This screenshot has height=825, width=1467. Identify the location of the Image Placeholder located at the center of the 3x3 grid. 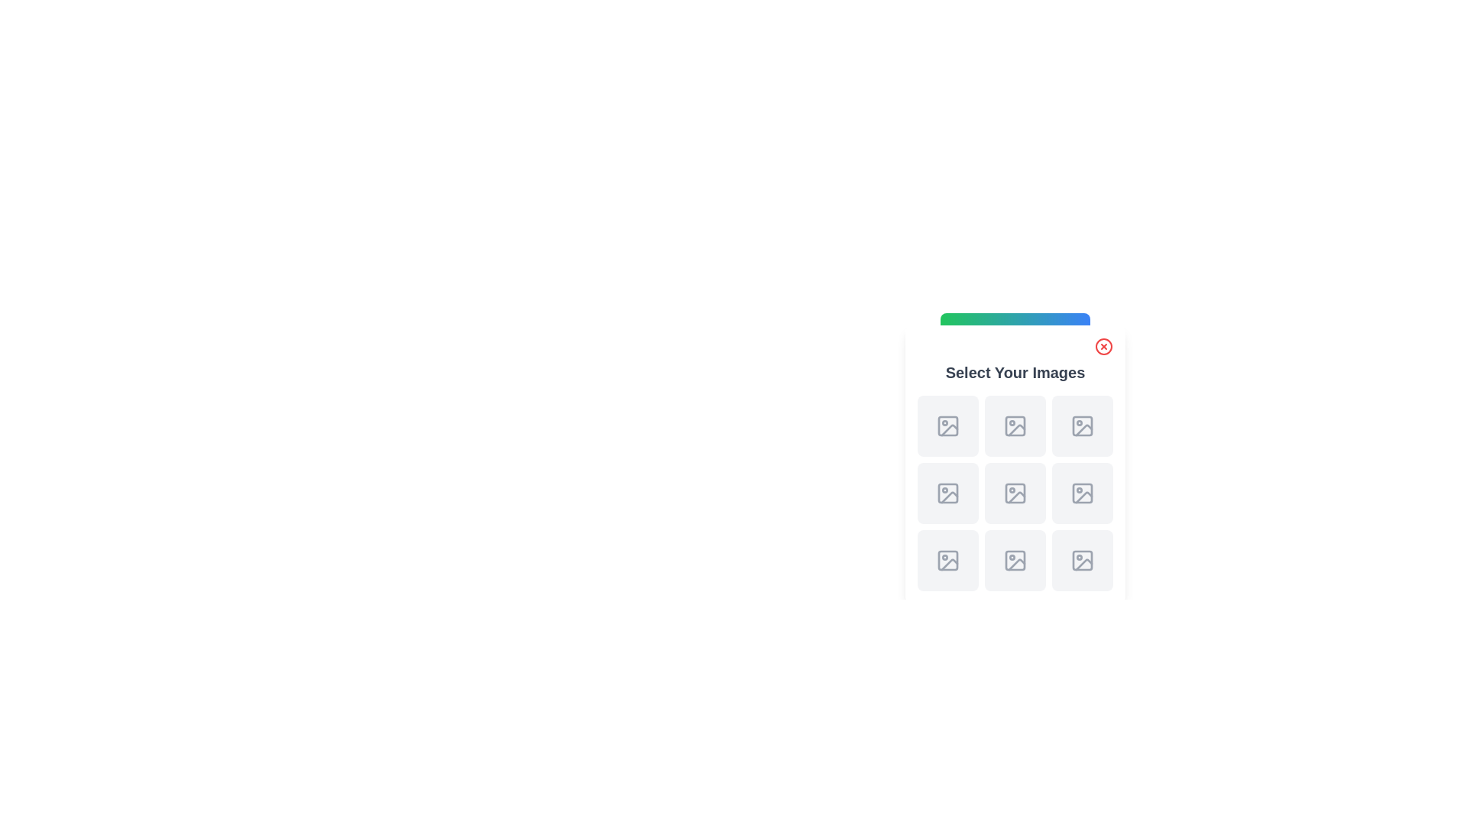
(1015, 447).